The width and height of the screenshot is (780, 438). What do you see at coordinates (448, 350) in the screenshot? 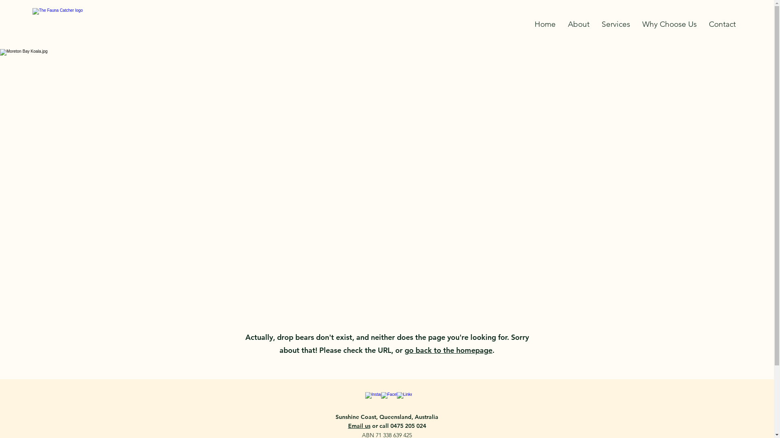
I see `'go back to the homepage'` at bounding box center [448, 350].